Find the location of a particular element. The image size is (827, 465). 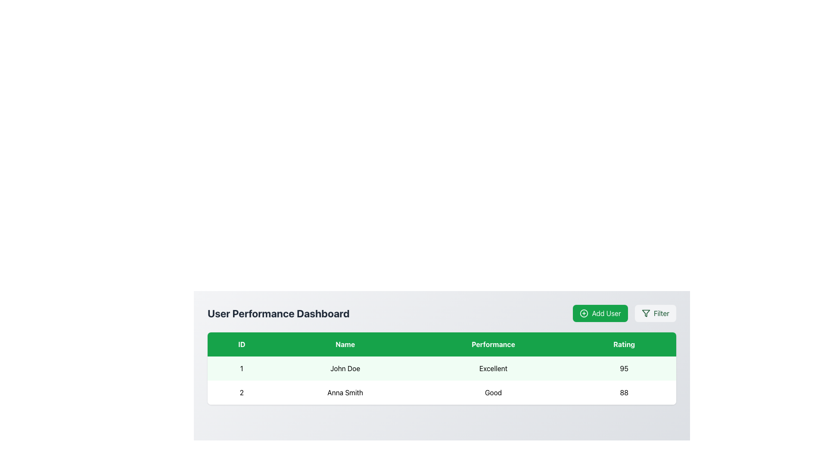

the unique identifier text content in the 'ID' column of the table, which corresponds to the user entry with ID '1' is located at coordinates (241, 368).